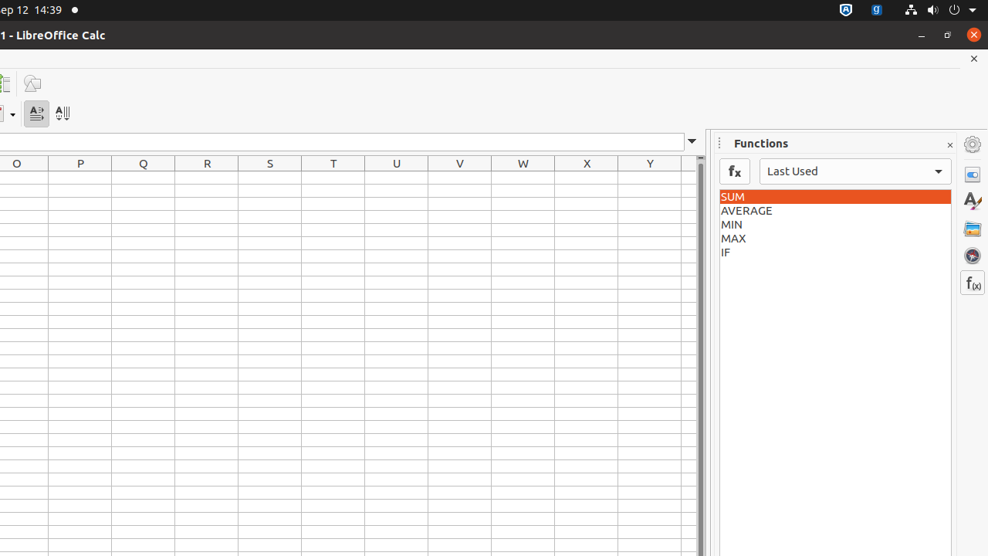  What do you see at coordinates (458, 177) in the screenshot?
I see `'V1'` at bounding box center [458, 177].